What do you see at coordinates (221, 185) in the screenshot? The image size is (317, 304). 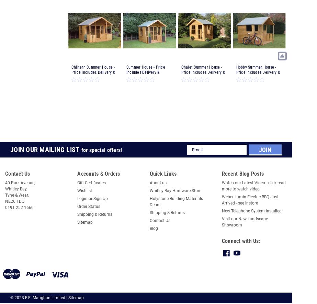 I see `'Watch our Latest Video - click read more to watch video'` at bounding box center [221, 185].